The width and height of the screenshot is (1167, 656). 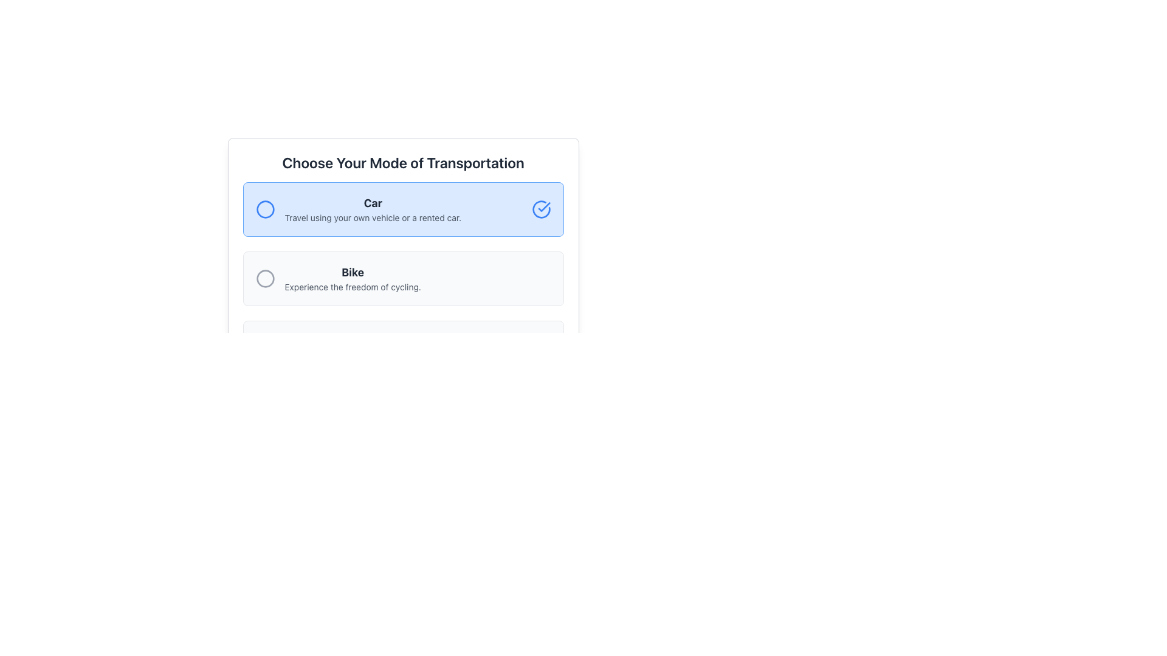 What do you see at coordinates (372, 208) in the screenshot?
I see `the text block that contains two lines: 'Car' in bold and 'Travel using your own vehicle or a rented car.' This text block is located inside the first selectable card under the heading 'Choose Your Mode of Transportation.'` at bounding box center [372, 208].